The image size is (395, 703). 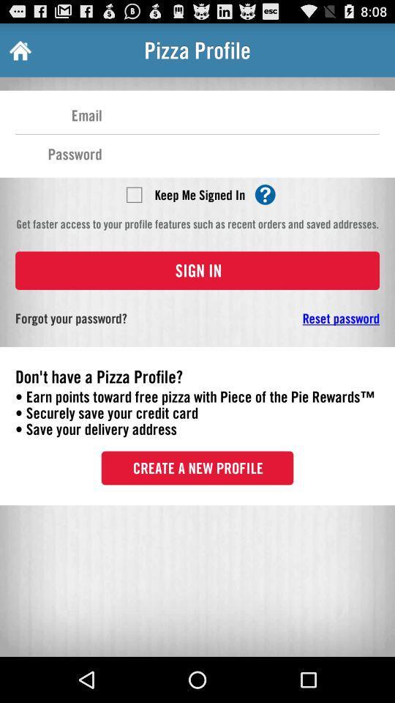 I want to click on keep user signed in to account, so click(x=134, y=193).